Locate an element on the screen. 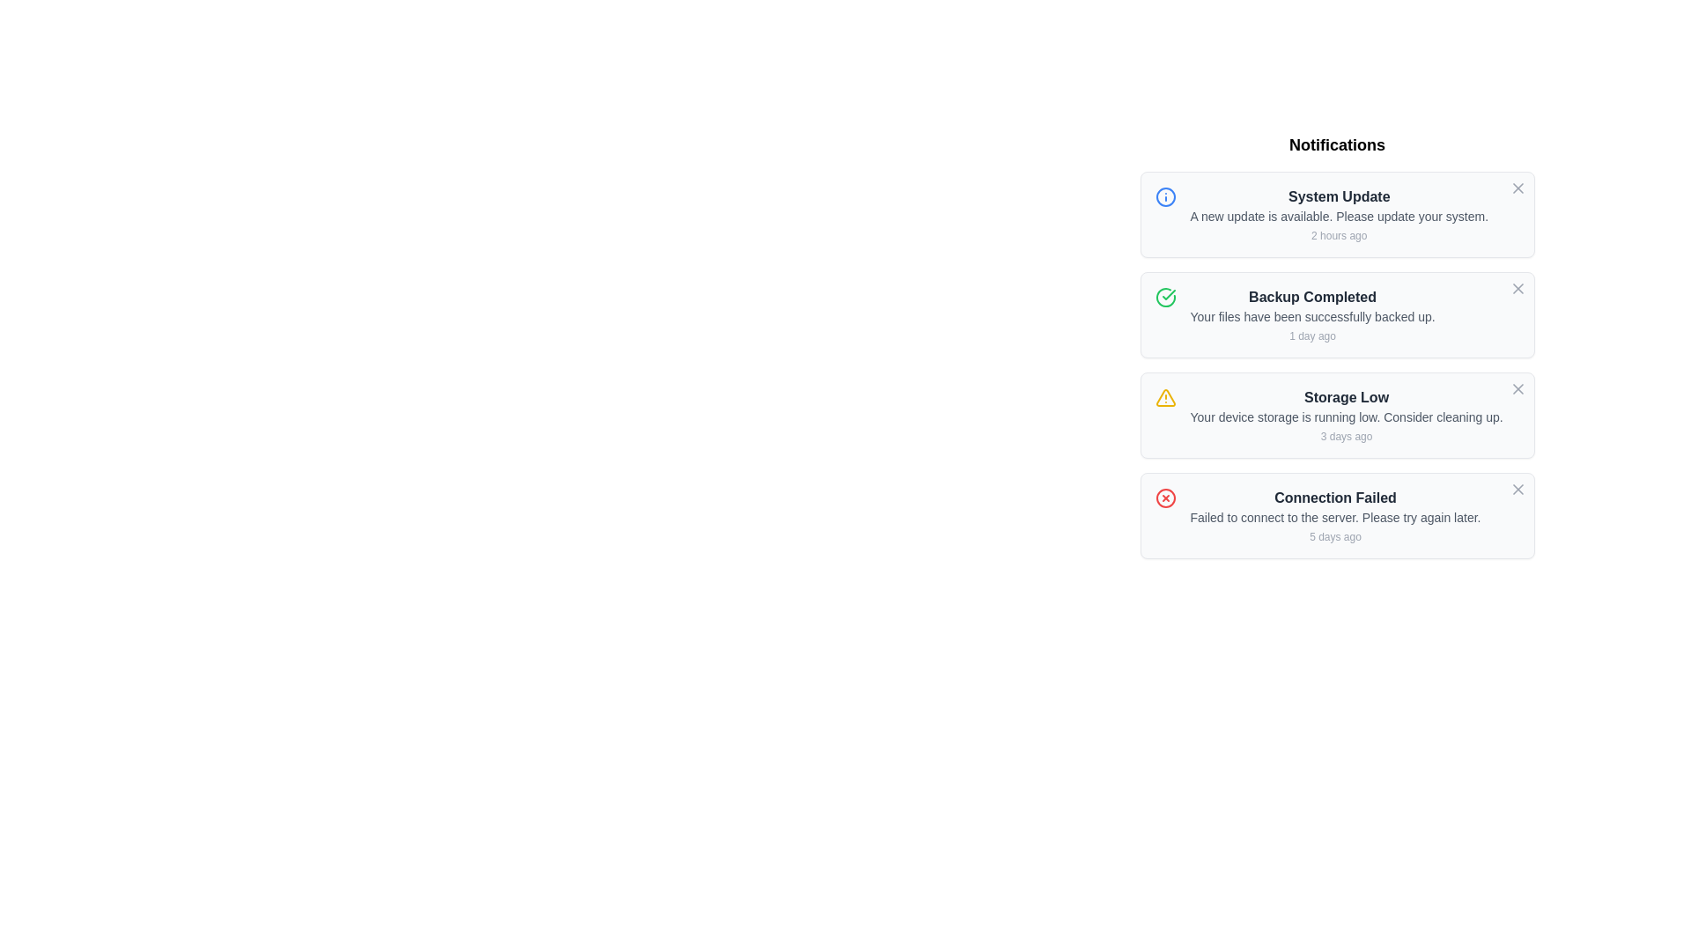 The width and height of the screenshot is (1691, 951). the text label displaying '3 days ago', which is positioned below the notification message 'Your device storage is running low.' is located at coordinates (1346, 436).